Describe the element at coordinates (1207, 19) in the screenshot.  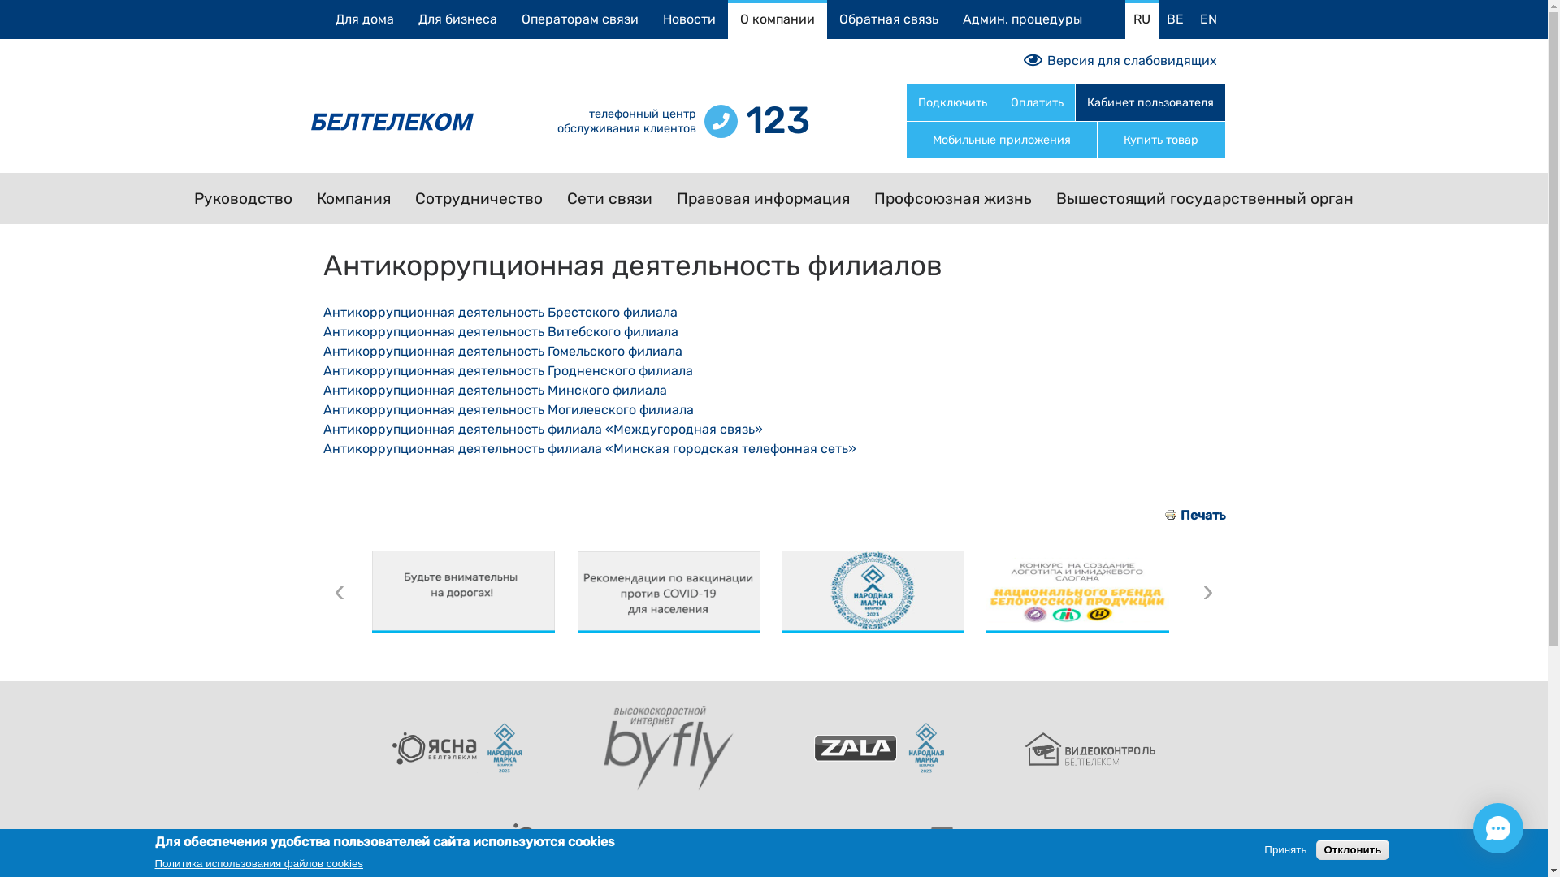
I see `'EN'` at that location.